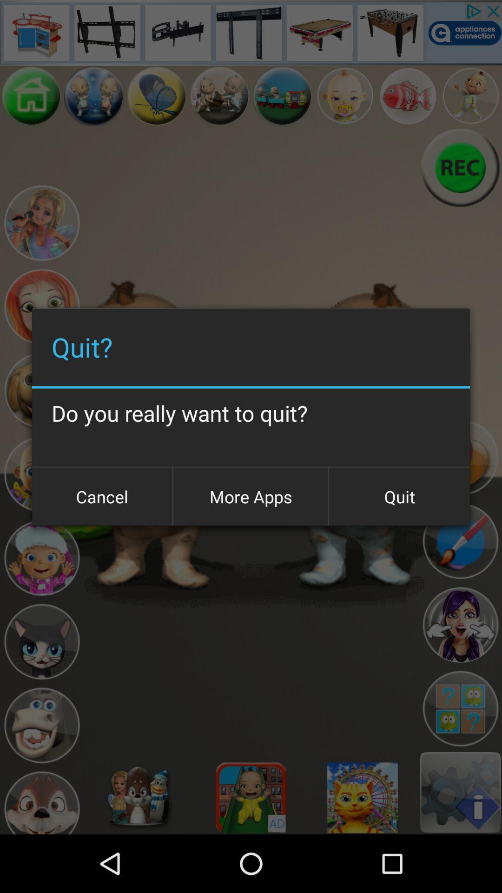  What do you see at coordinates (460, 708) in the screenshot?
I see `logo` at bounding box center [460, 708].